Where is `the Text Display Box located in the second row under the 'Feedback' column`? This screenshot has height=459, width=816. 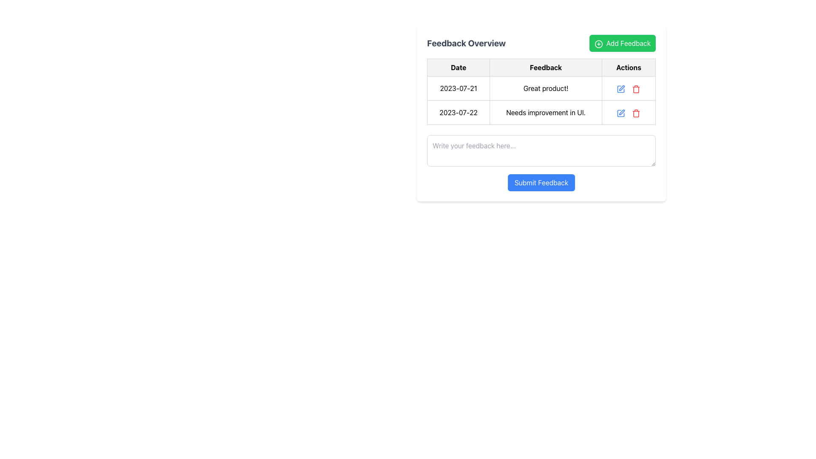 the Text Display Box located in the second row under the 'Feedback' column is located at coordinates (546, 112).